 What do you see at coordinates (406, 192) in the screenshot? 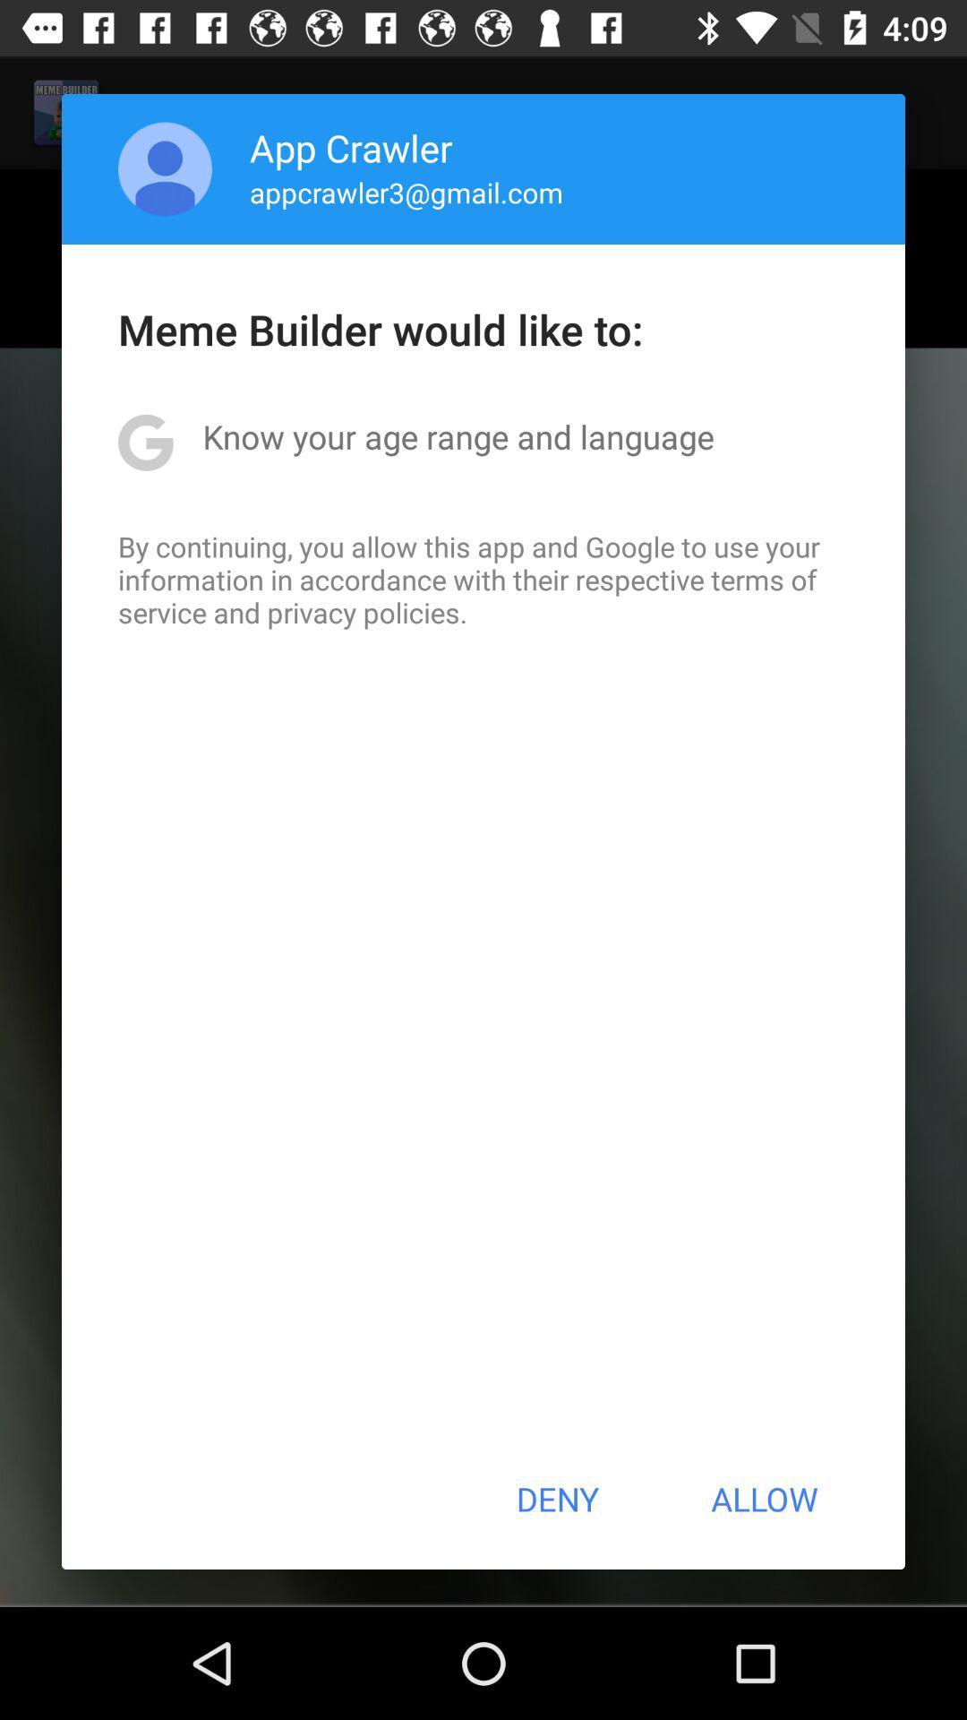
I see `the appcrawler3@gmail.com item` at bounding box center [406, 192].